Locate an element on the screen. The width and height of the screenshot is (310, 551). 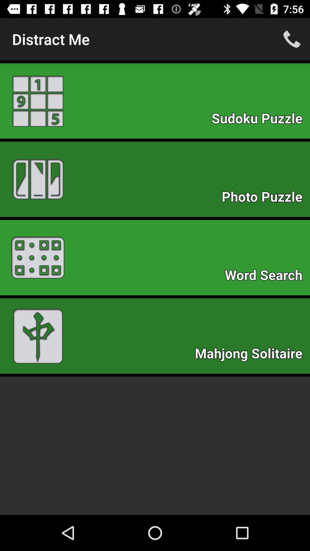
the photo puzzle item is located at coordinates (265, 198).